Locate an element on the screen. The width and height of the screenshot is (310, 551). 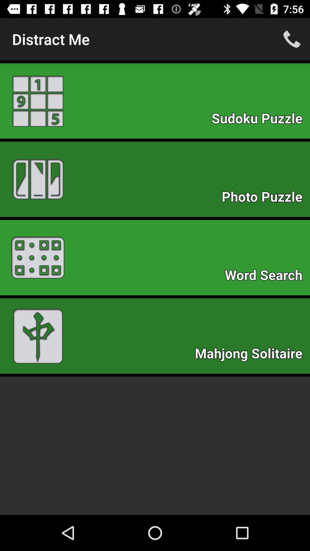
the photo puzzle item is located at coordinates (265, 198).